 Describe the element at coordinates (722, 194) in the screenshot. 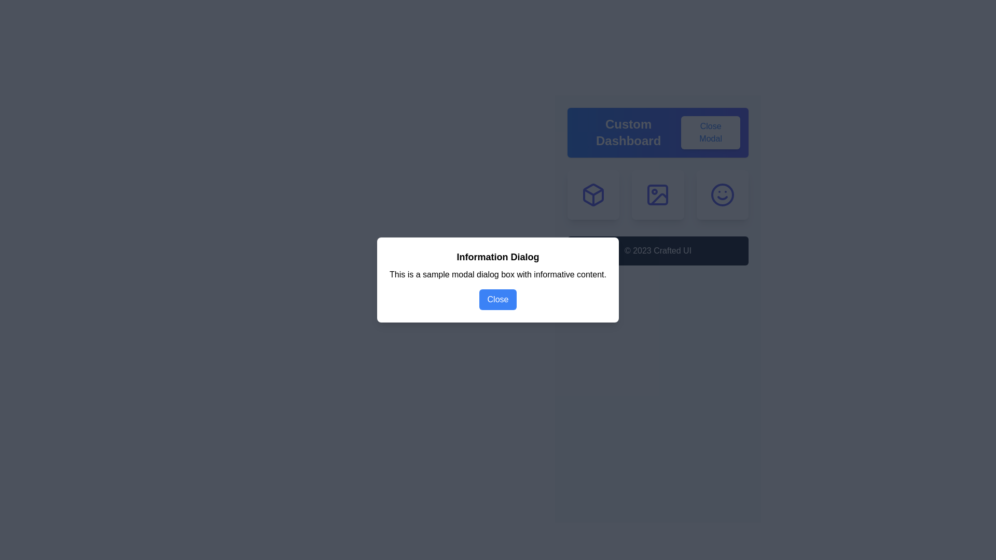

I see `the indigo smiley face icon located in the bottom-right of the icon grid on the 'Custom Dashboard'` at that location.